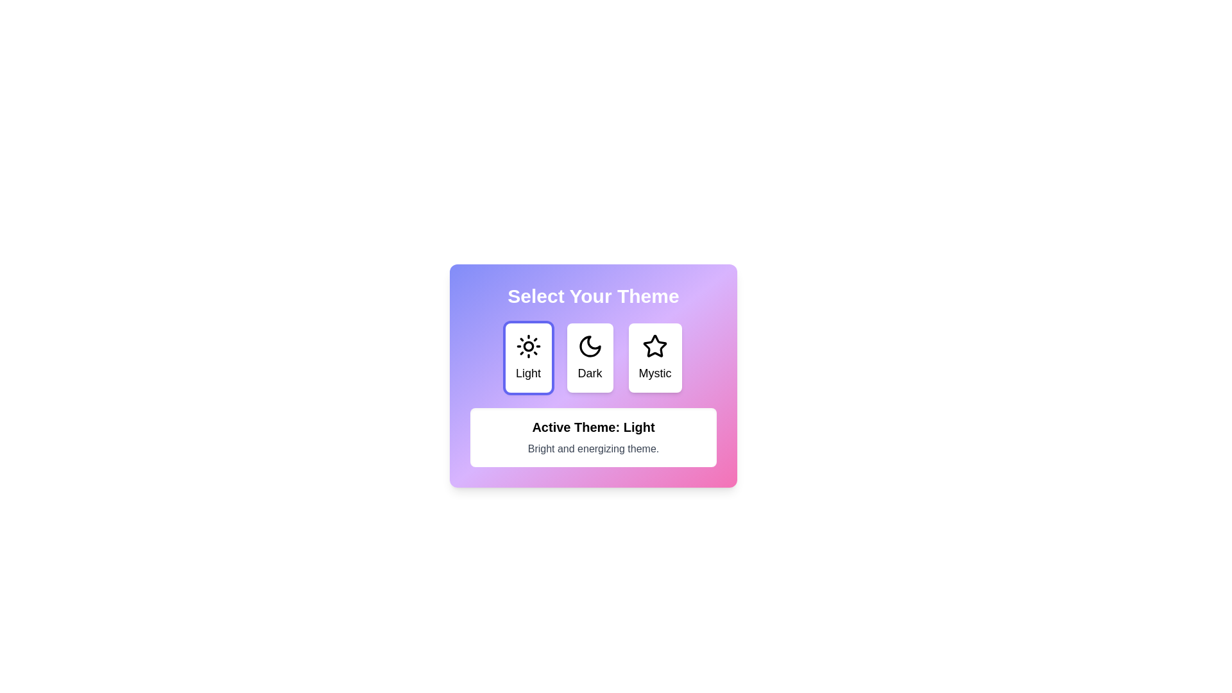 The height and width of the screenshot is (693, 1232). Describe the element at coordinates (655, 358) in the screenshot. I see `the button corresponding to the theme Mystic` at that location.